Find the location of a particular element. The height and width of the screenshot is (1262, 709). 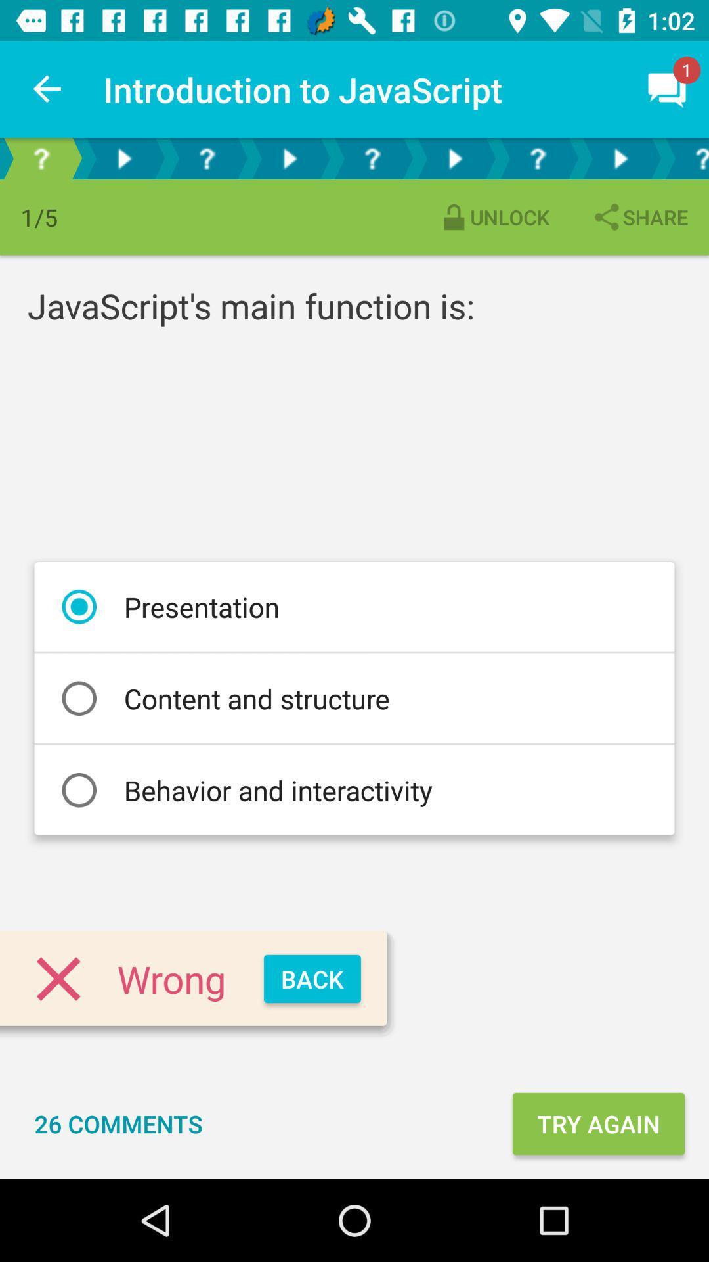

the play icon is located at coordinates (288, 158).